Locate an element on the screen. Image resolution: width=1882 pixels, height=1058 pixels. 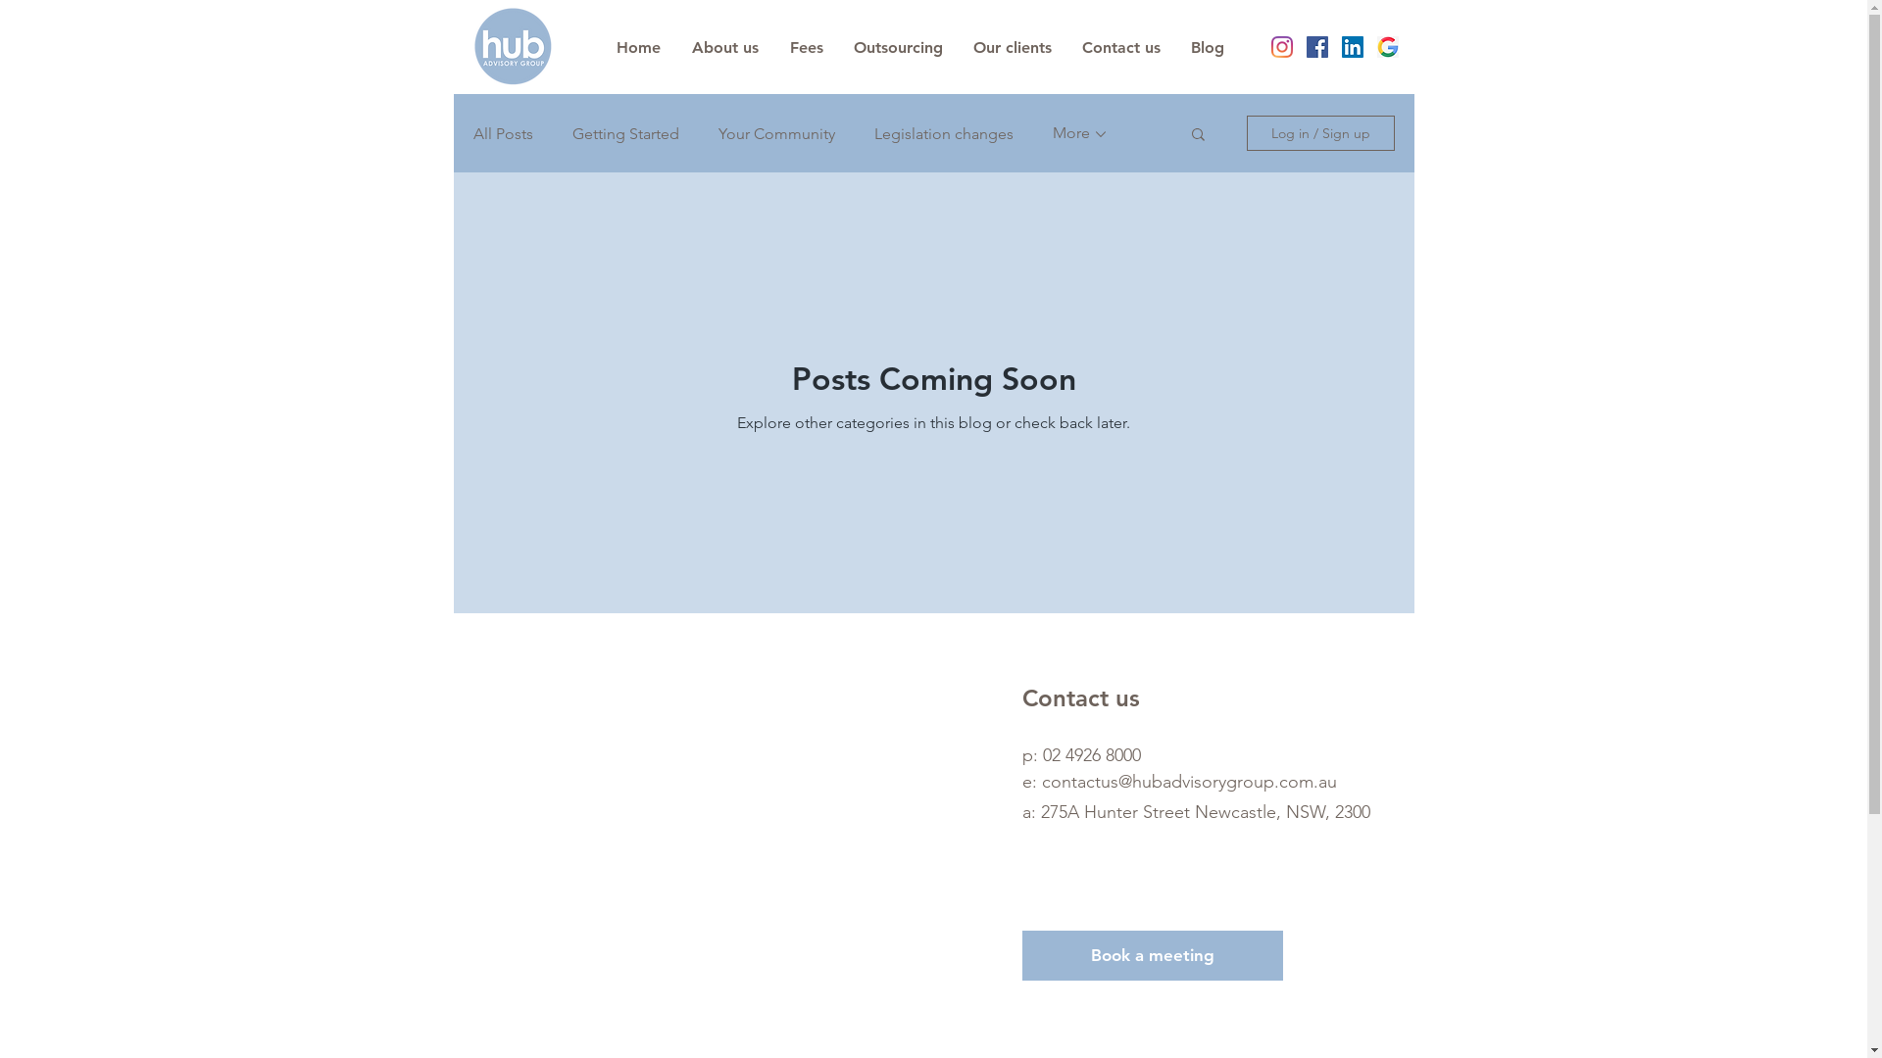
'Legislation changes' is located at coordinates (944, 132).